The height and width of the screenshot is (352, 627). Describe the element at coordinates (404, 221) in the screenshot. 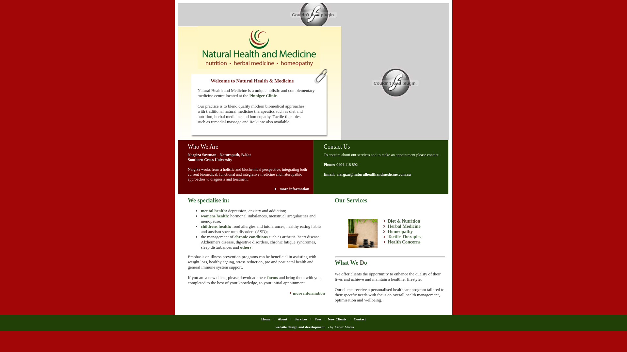

I see `'Diet & Nutrition'` at that location.